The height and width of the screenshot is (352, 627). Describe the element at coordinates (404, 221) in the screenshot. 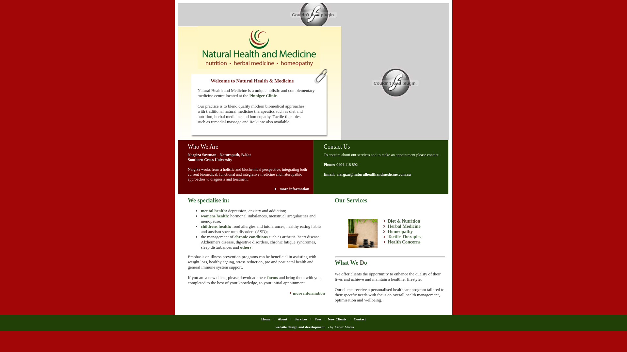

I see `'Diet & Nutrition'` at that location.